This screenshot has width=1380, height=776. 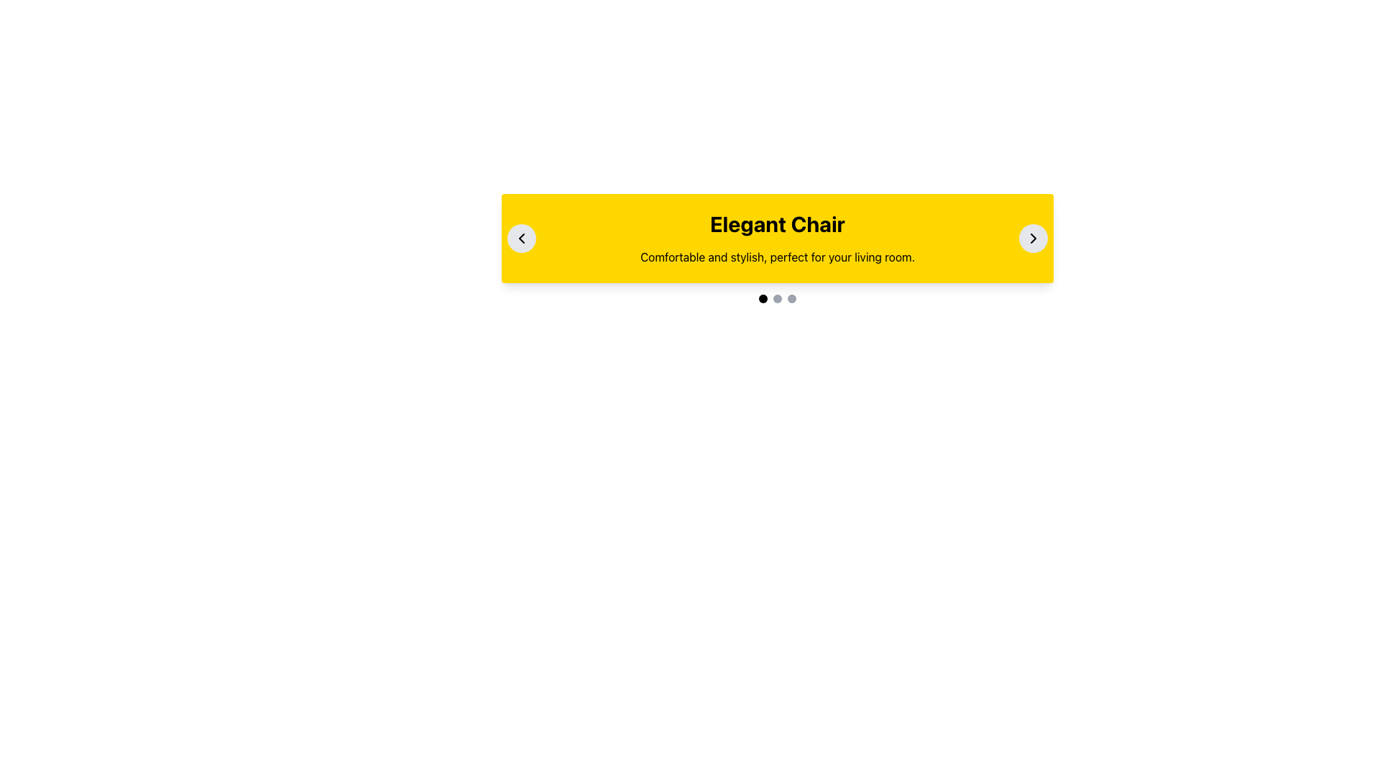 I want to click on the pagination indicator consisting of three circular indicators, where the first black circle indicates the active state, for keyboard navigation, so click(x=776, y=298).